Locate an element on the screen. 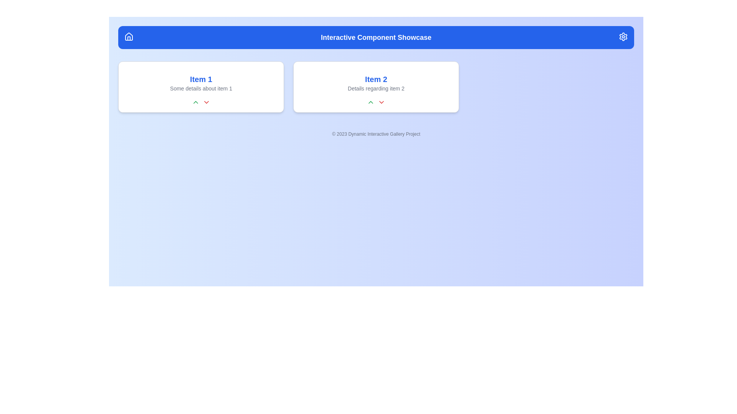 The width and height of the screenshot is (737, 414). the 'Home' icon located in the blue header bar on the left side is located at coordinates (129, 37).